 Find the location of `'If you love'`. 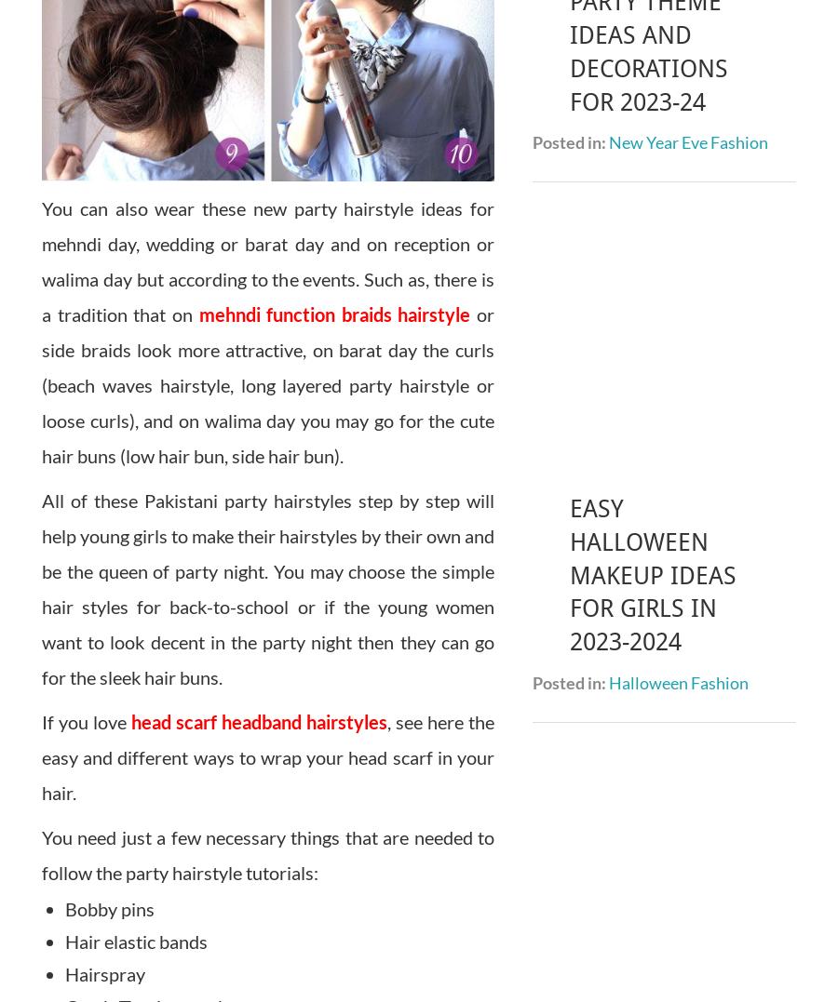

'If you love' is located at coordinates (41, 720).